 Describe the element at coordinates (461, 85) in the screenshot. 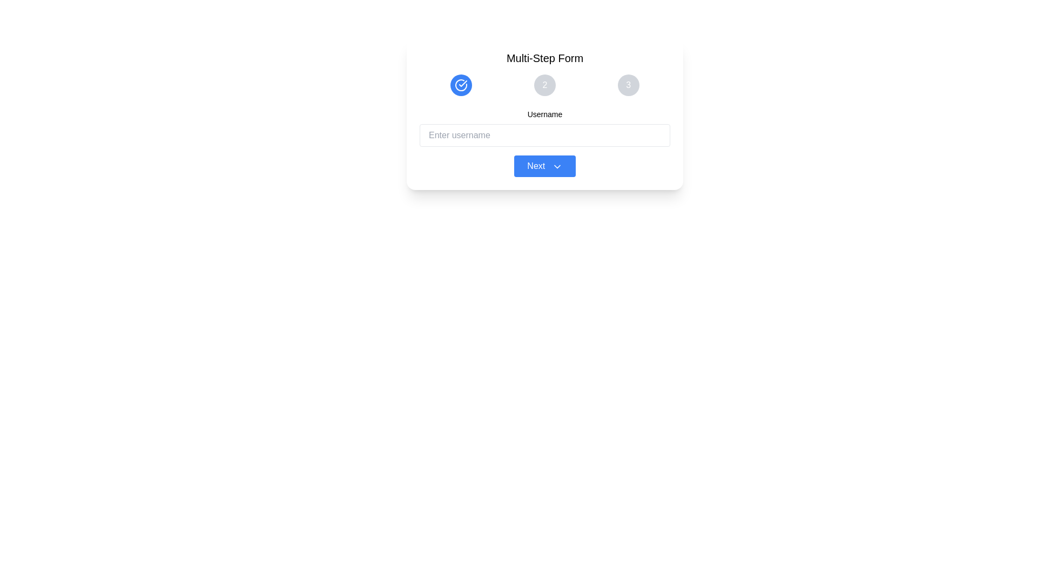

I see `the first icon in the multi-step form's status indicators to mark the completion of the first step` at that location.